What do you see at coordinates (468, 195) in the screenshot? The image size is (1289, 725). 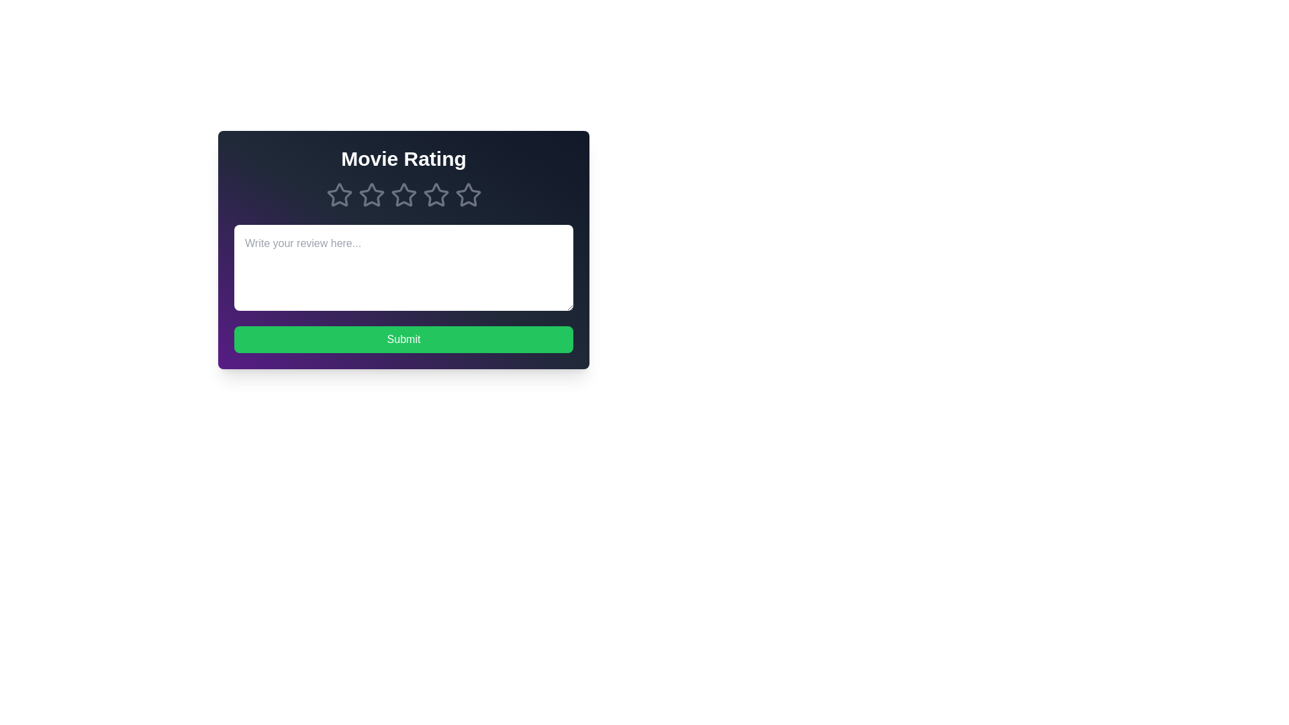 I see `the star corresponding to 5 stars to preview the rating` at bounding box center [468, 195].